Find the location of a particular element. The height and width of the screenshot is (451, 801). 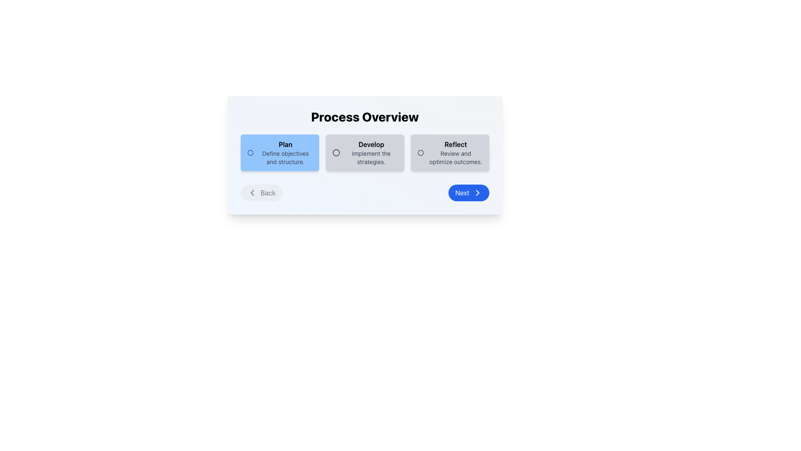

the text label that says 'Define objectives and structure.' This label is styled in gray with a small font size and is located underneath the bold title 'Plan' within the first blue card of a navigation stepper display is located at coordinates (285, 158).